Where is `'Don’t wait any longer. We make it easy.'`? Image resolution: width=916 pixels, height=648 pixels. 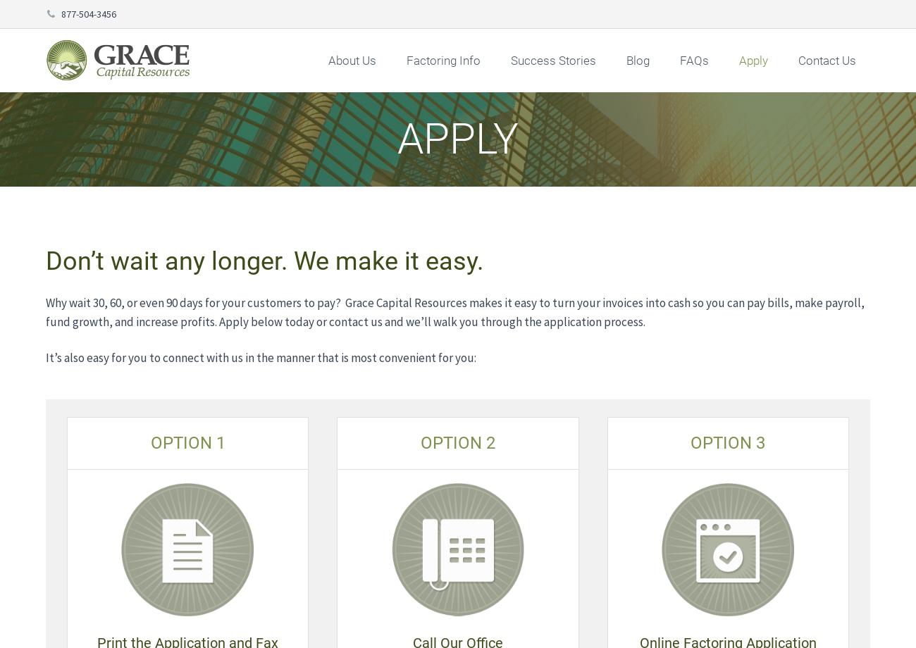
'Don’t wait any longer. We make it easy.' is located at coordinates (46, 260).